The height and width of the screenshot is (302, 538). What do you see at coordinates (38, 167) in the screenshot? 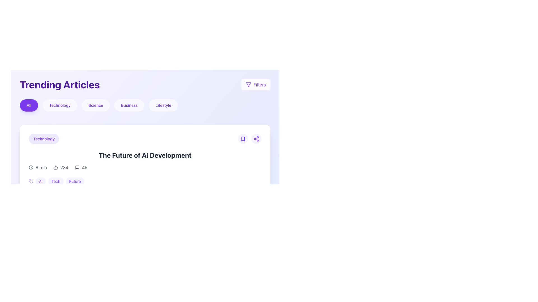
I see `the informational label displaying '8 min' with a clock icon` at bounding box center [38, 167].